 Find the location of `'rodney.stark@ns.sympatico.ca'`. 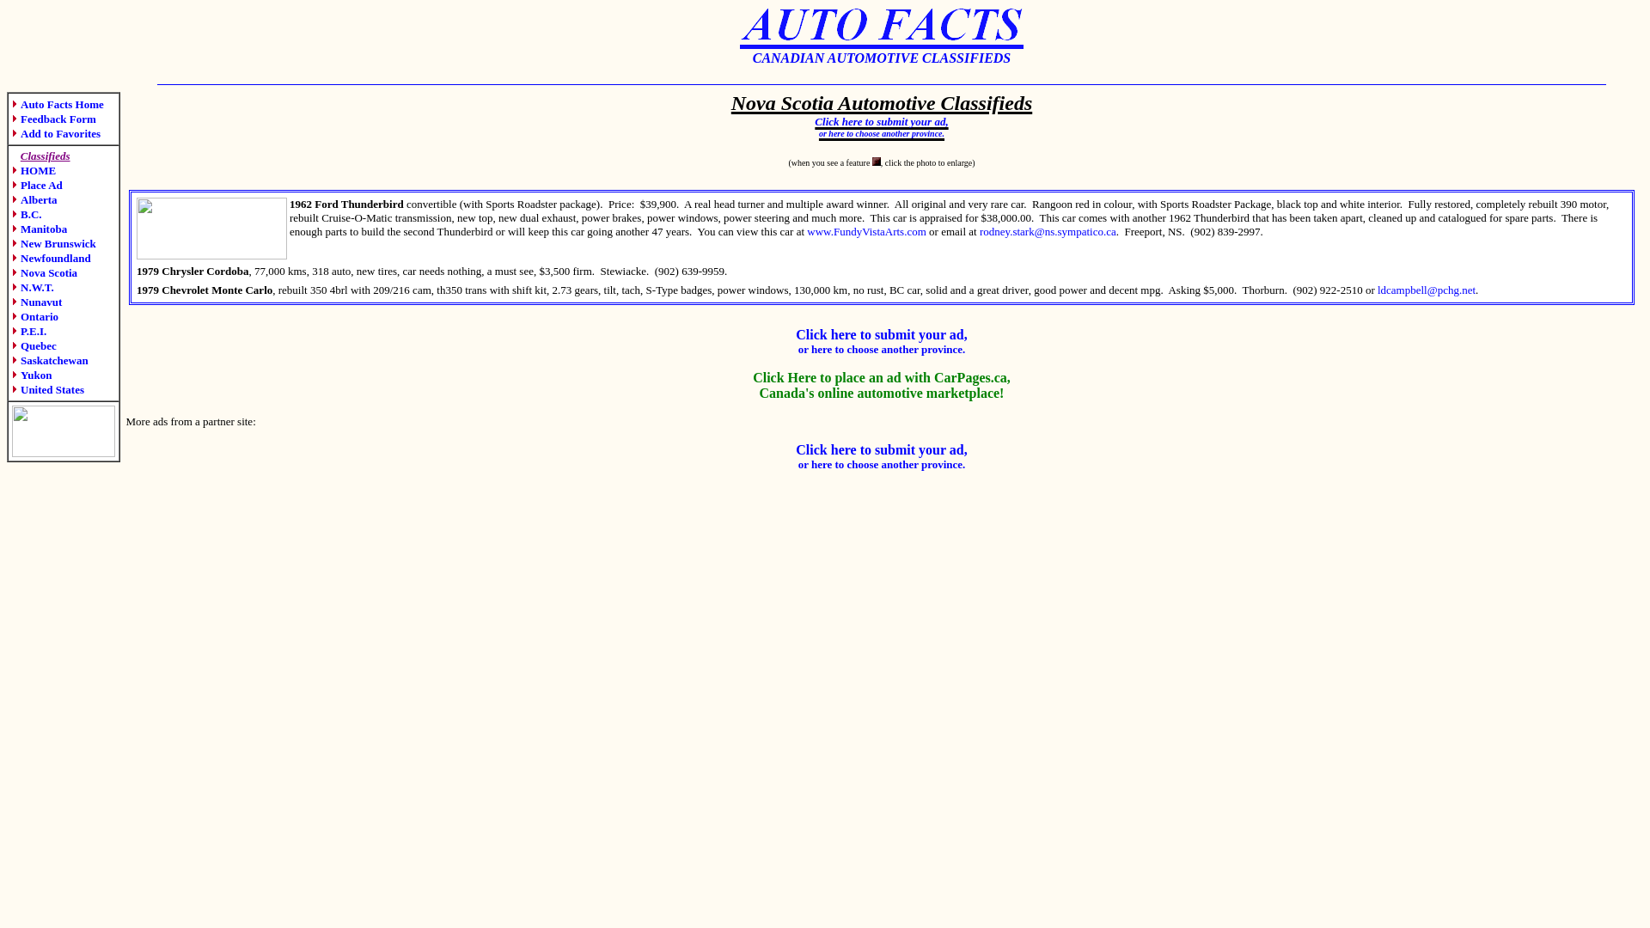

'rodney.stark@ns.sympatico.ca' is located at coordinates (1047, 230).